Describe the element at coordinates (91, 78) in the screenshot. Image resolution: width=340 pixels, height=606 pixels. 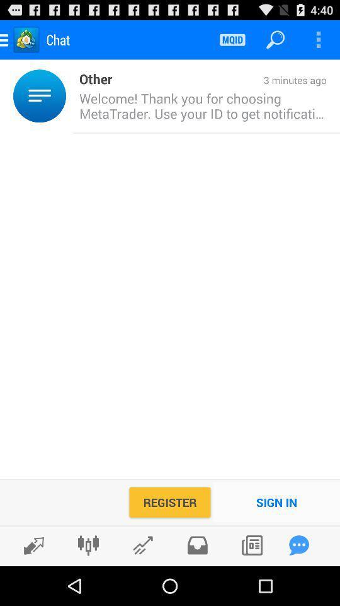
I see `item to the left of 3 minutes ago` at that location.